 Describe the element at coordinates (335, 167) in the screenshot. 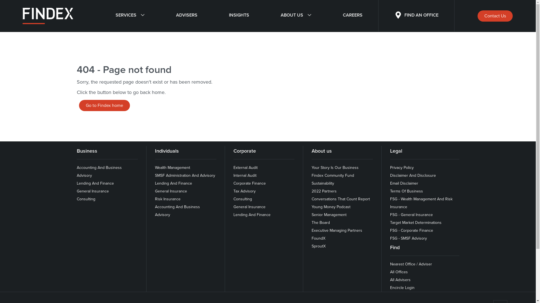

I see `'Your Story Is Our Business'` at that location.